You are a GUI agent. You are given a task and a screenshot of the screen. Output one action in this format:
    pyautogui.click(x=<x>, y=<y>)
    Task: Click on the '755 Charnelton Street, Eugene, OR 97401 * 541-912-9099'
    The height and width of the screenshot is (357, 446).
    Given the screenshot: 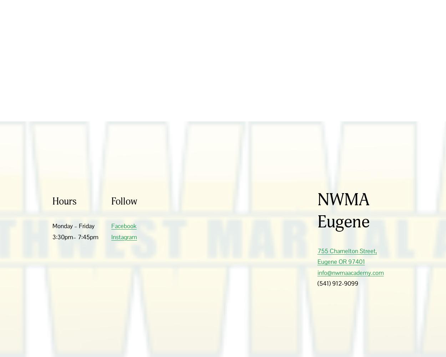 What is the action you would take?
    pyautogui.click(x=222, y=110)
    